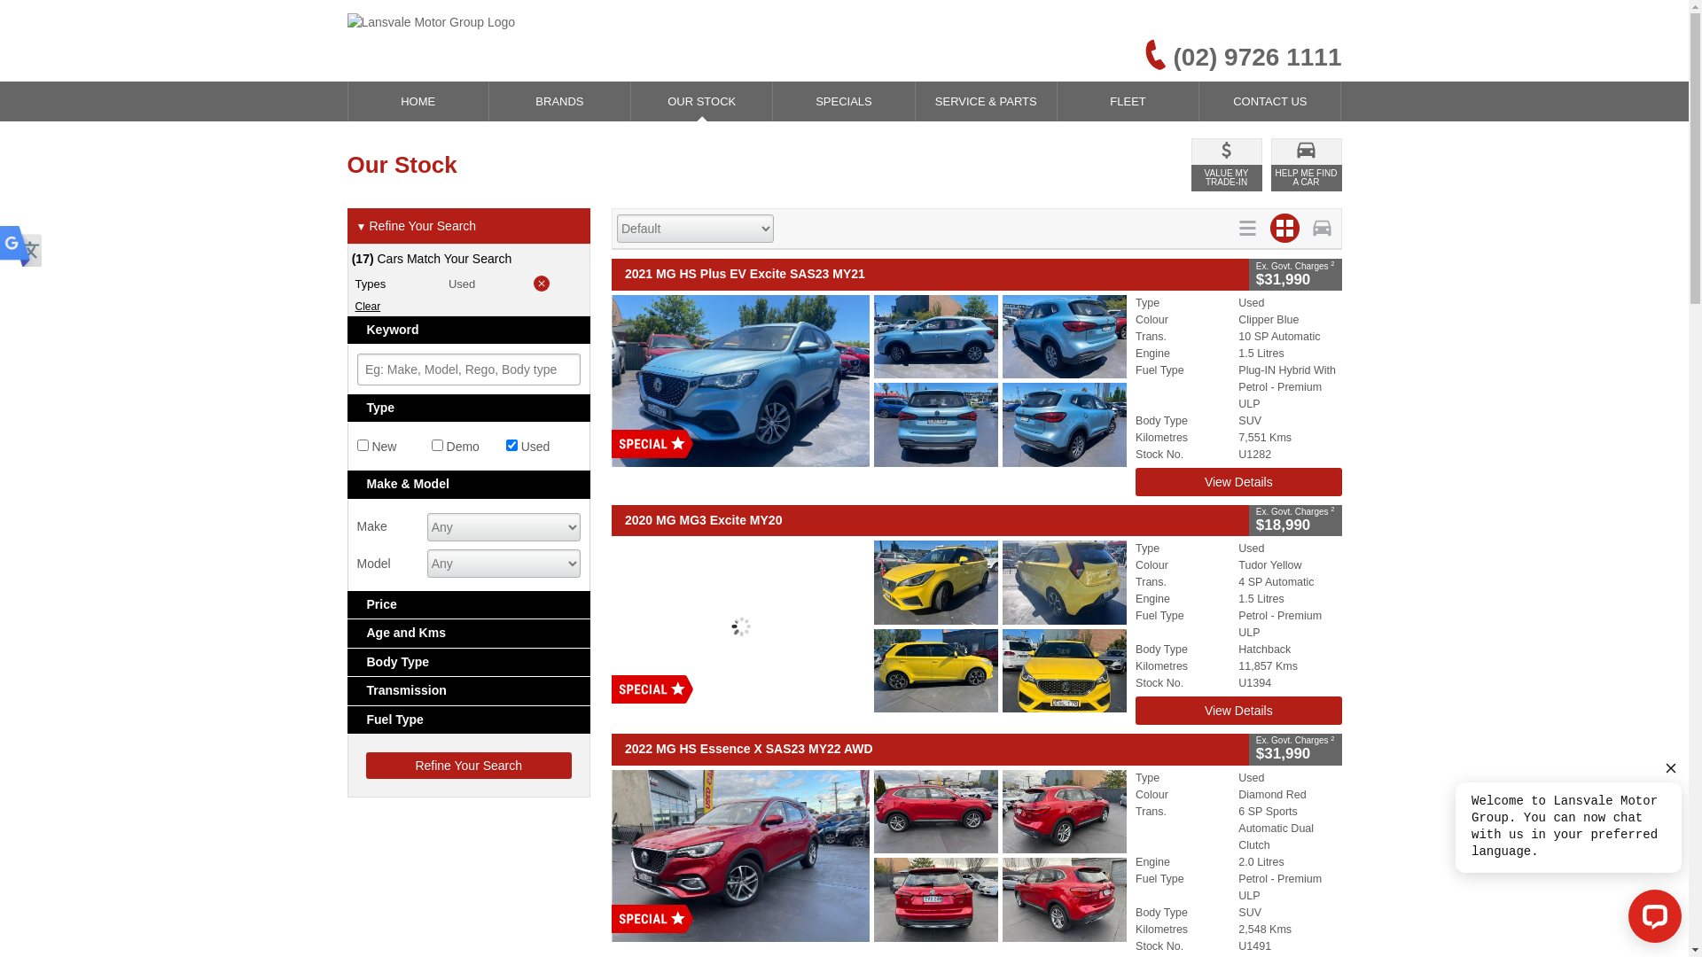 This screenshot has width=1702, height=957. What do you see at coordinates (469, 603) in the screenshot?
I see `'Price'` at bounding box center [469, 603].